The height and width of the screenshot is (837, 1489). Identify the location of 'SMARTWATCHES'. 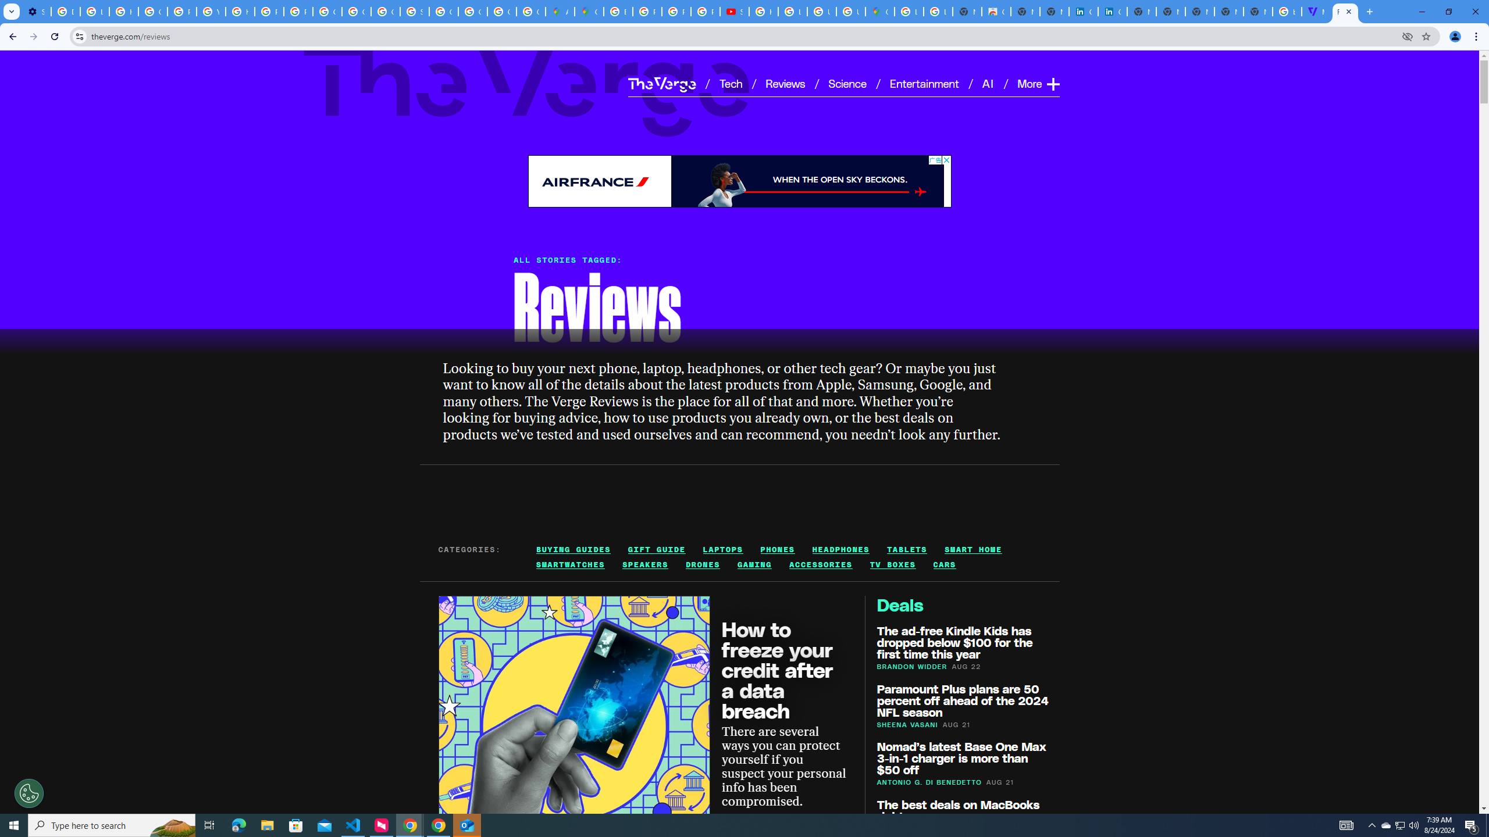
(571, 565).